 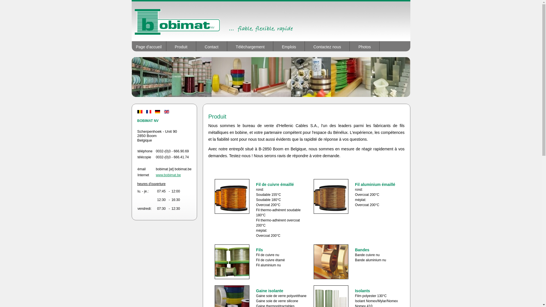 What do you see at coordinates (131, 21) in the screenshot?
I see `'HELCA Metall'` at bounding box center [131, 21].